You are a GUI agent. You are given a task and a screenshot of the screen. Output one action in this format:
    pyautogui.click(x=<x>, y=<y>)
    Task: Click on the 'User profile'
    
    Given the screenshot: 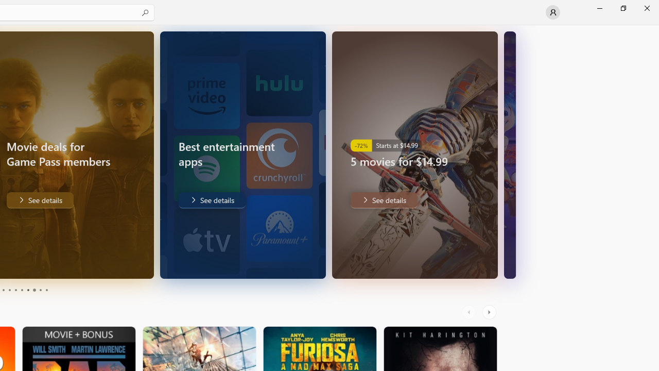 What is the action you would take?
    pyautogui.click(x=552, y=12)
    